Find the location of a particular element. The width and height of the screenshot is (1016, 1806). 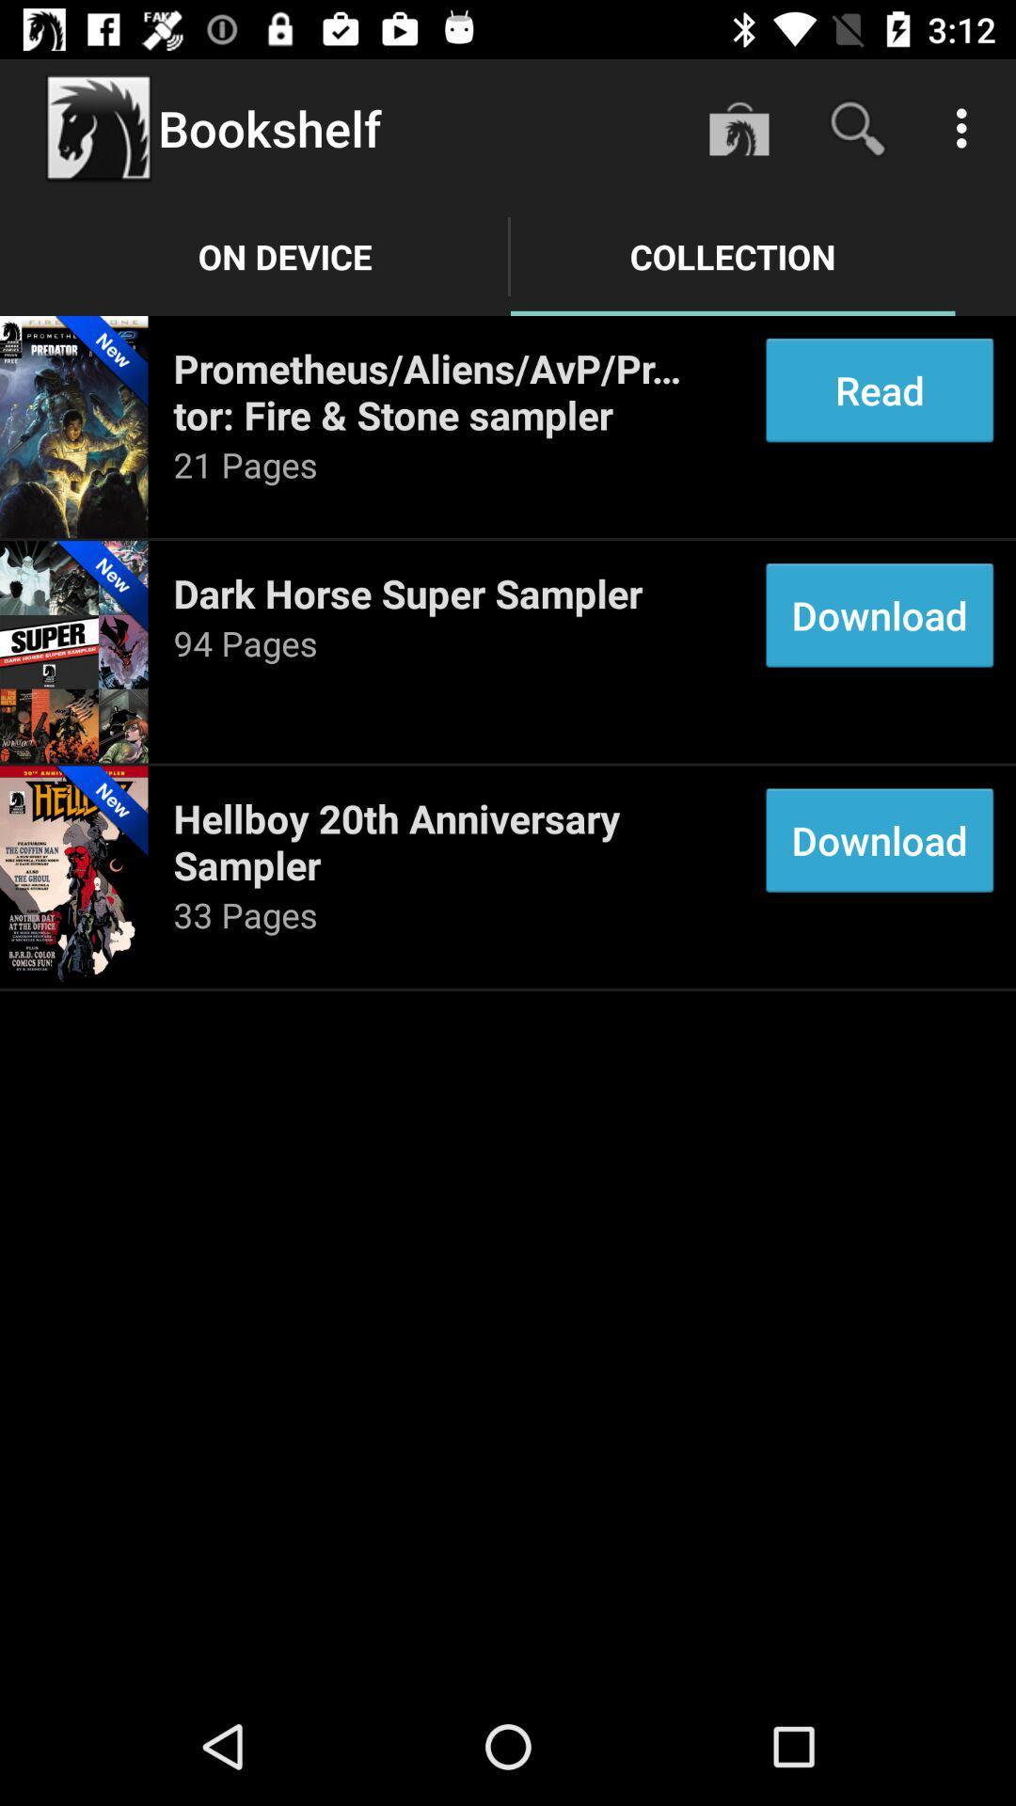

icon above the download is located at coordinates (880, 389).